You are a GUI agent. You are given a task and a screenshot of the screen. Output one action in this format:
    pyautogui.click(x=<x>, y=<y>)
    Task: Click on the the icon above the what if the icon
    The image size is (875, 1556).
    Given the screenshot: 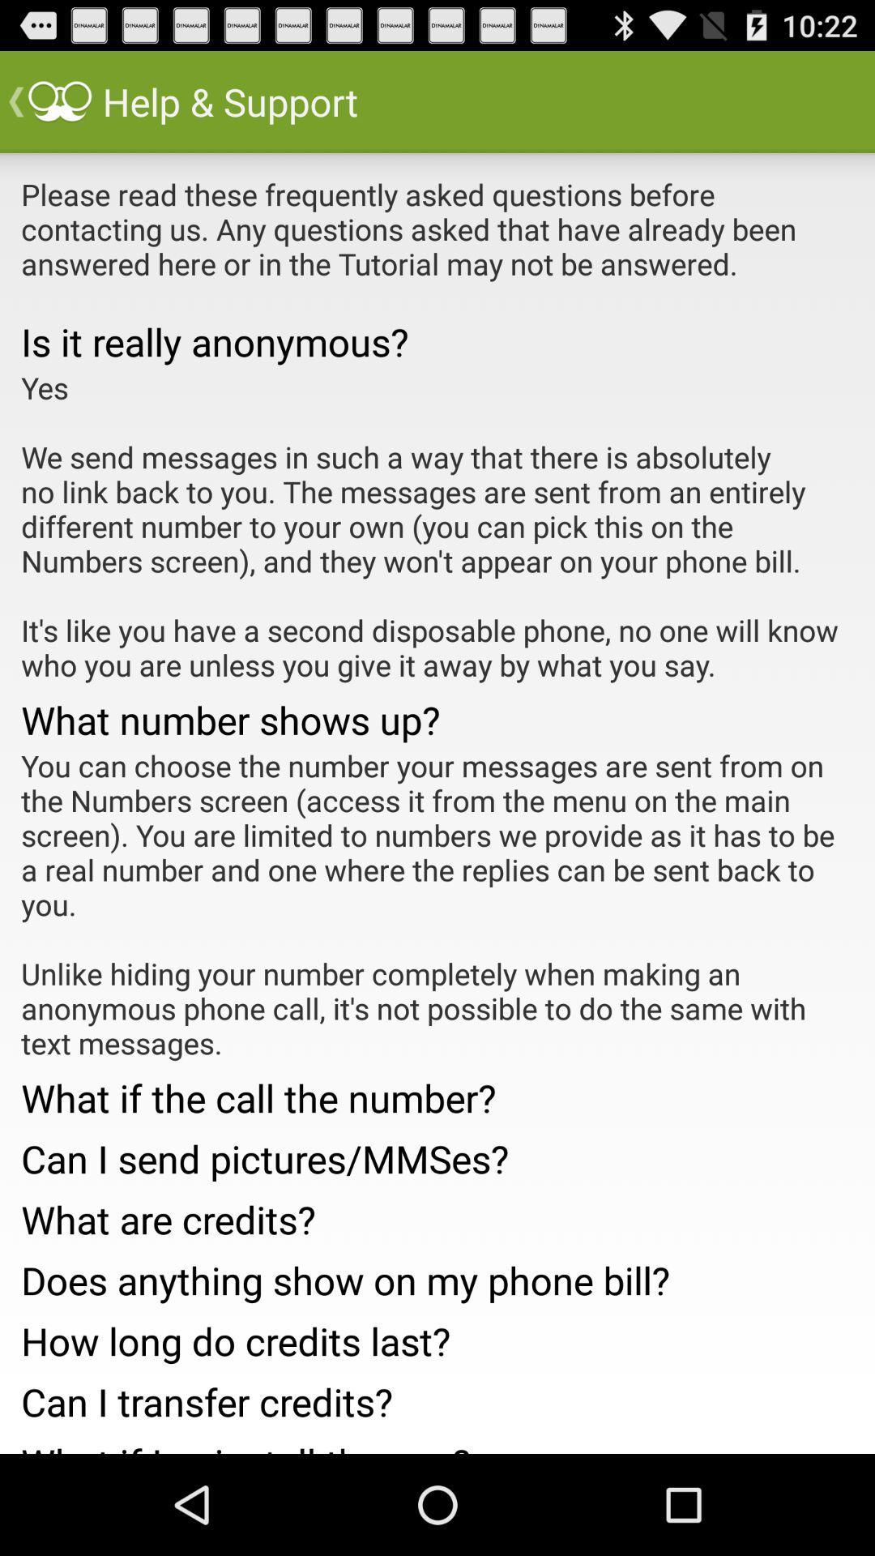 What is the action you would take?
    pyautogui.click(x=437, y=903)
    